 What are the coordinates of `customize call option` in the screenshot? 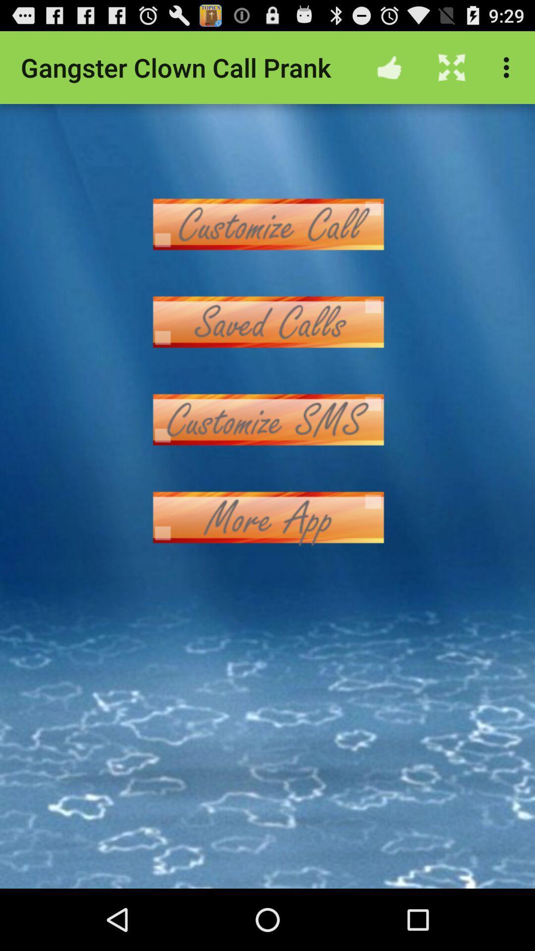 It's located at (267, 223).